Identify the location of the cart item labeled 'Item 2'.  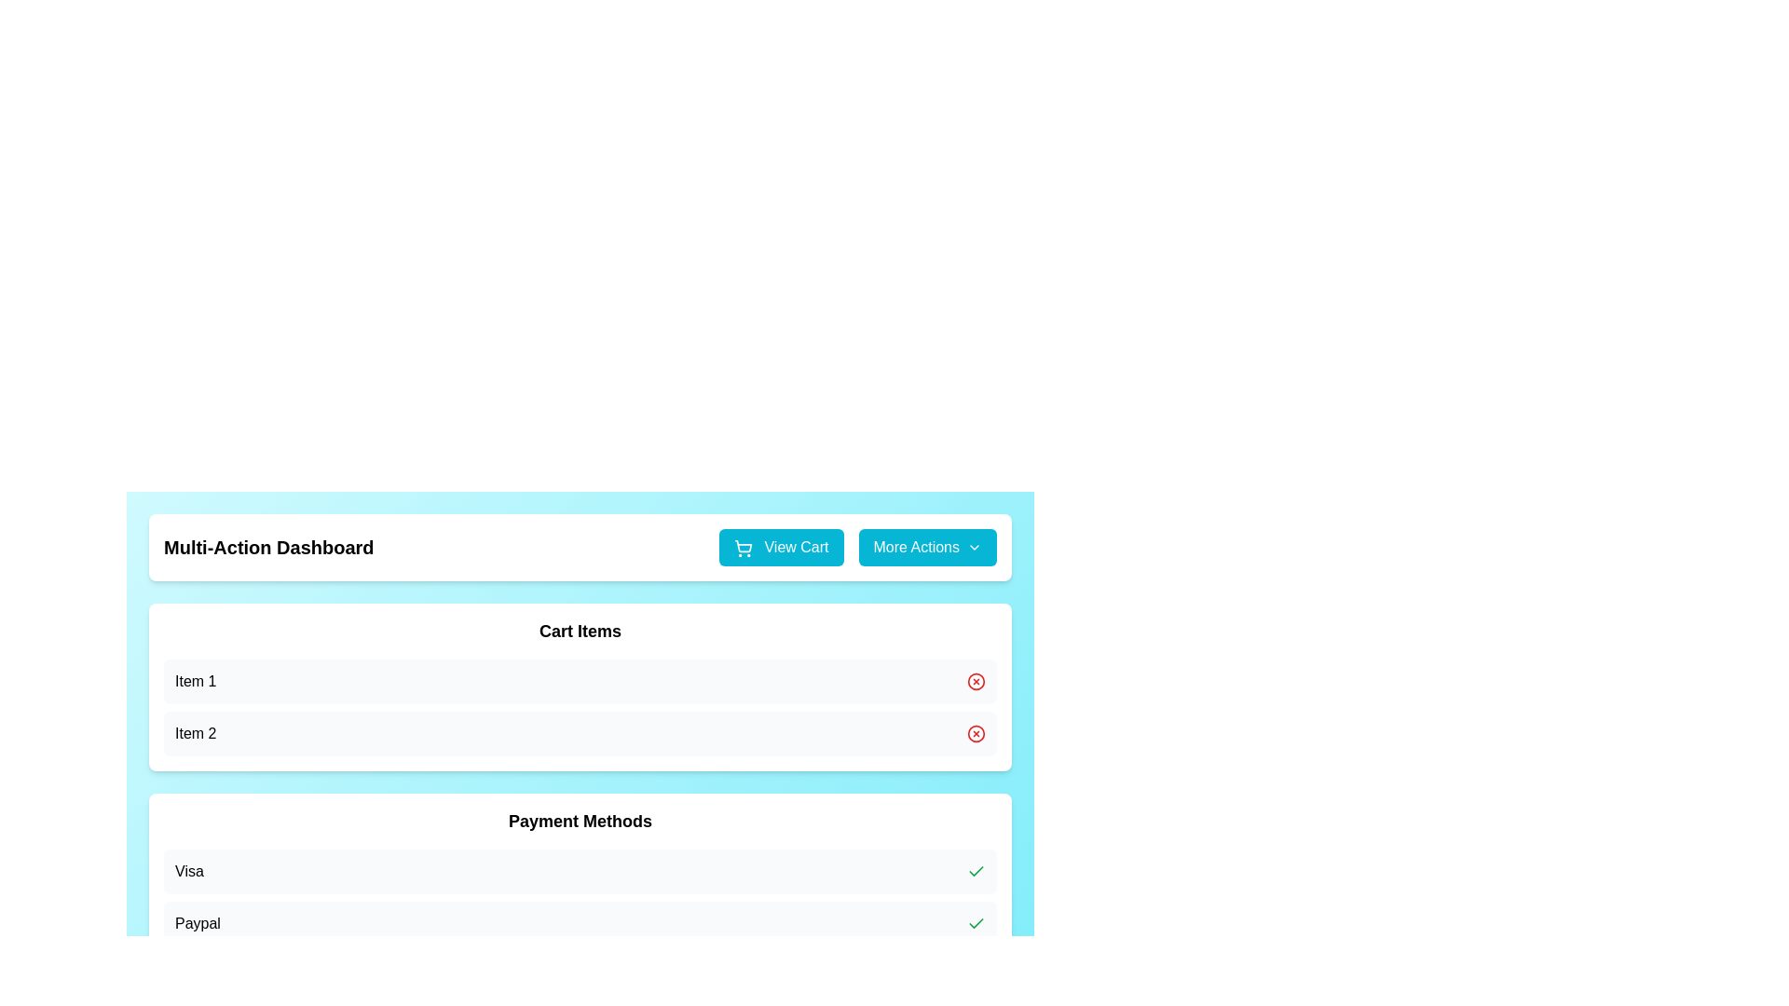
(580, 732).